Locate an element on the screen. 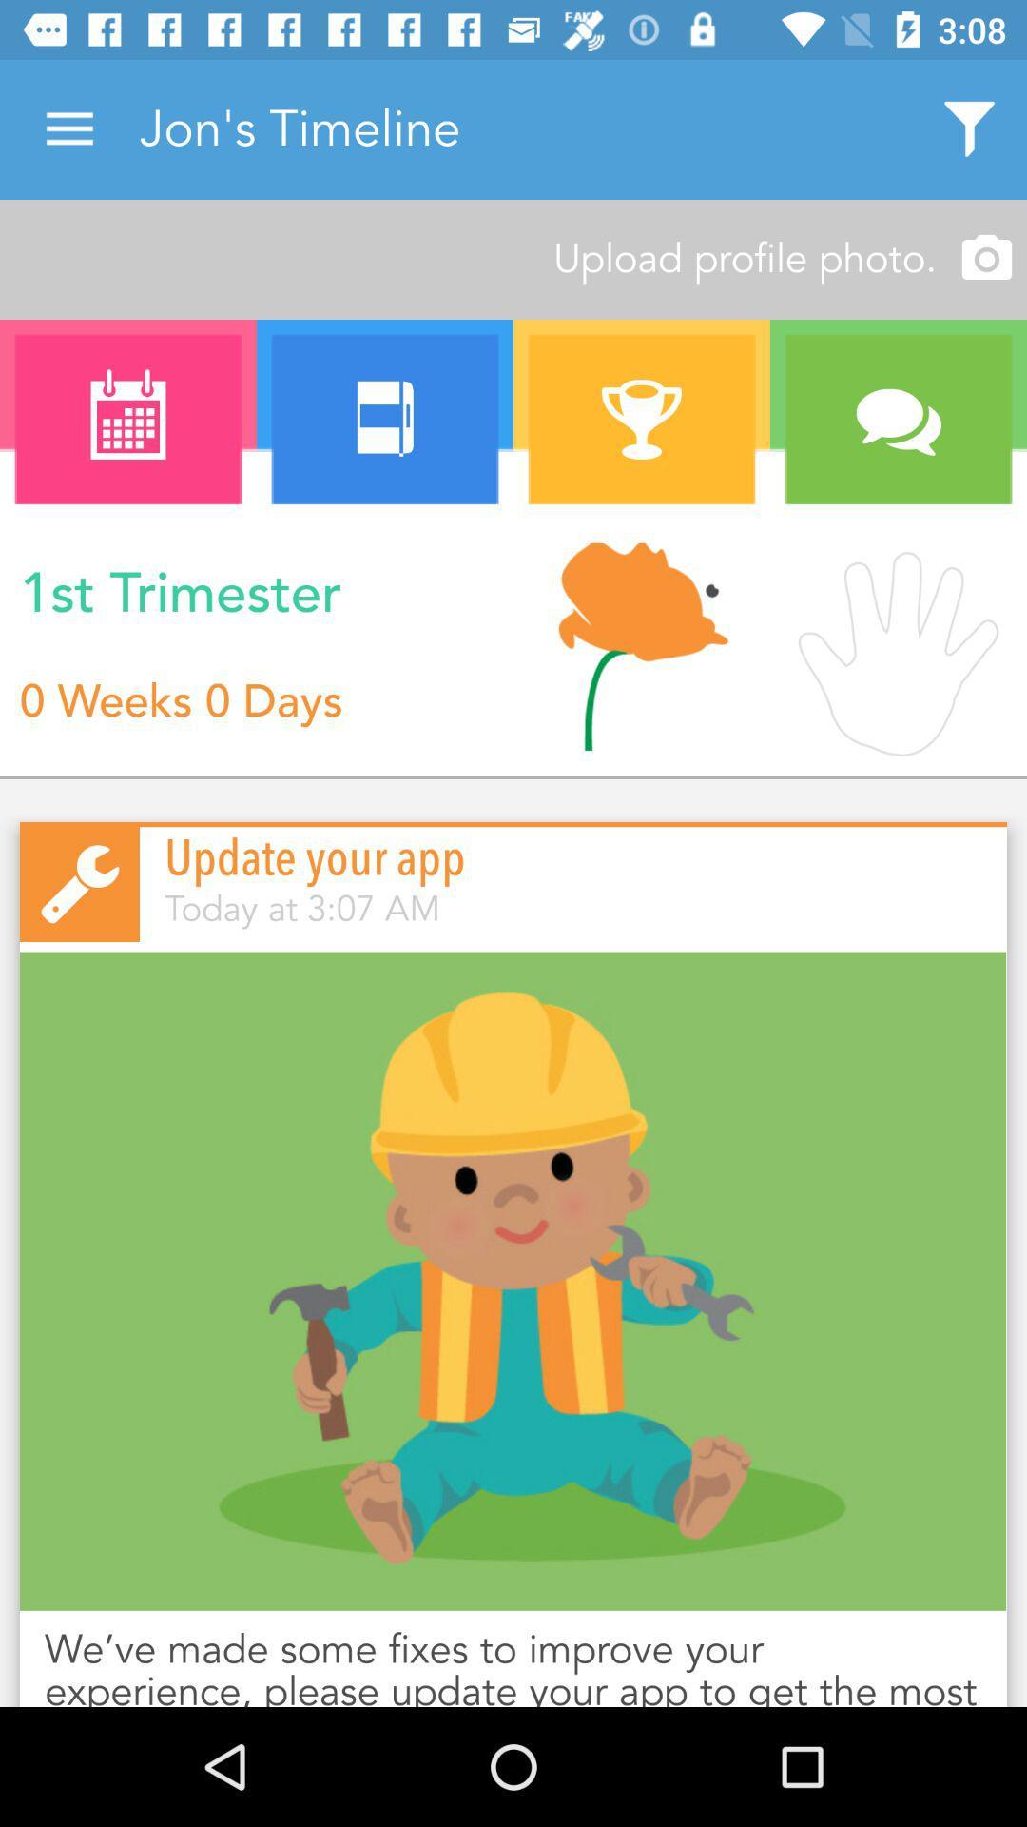 Image resolution: width=1027 pixels, height=1827 pixels. the item above we ve made icon is located at coordinates (513, 1281).